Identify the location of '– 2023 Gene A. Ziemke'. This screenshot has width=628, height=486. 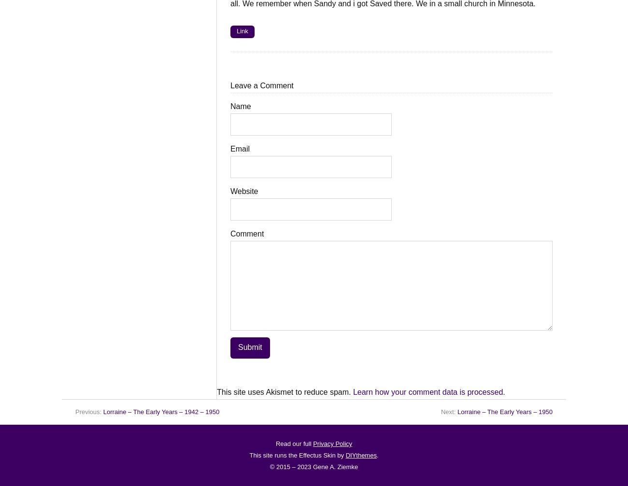
(323, 466).